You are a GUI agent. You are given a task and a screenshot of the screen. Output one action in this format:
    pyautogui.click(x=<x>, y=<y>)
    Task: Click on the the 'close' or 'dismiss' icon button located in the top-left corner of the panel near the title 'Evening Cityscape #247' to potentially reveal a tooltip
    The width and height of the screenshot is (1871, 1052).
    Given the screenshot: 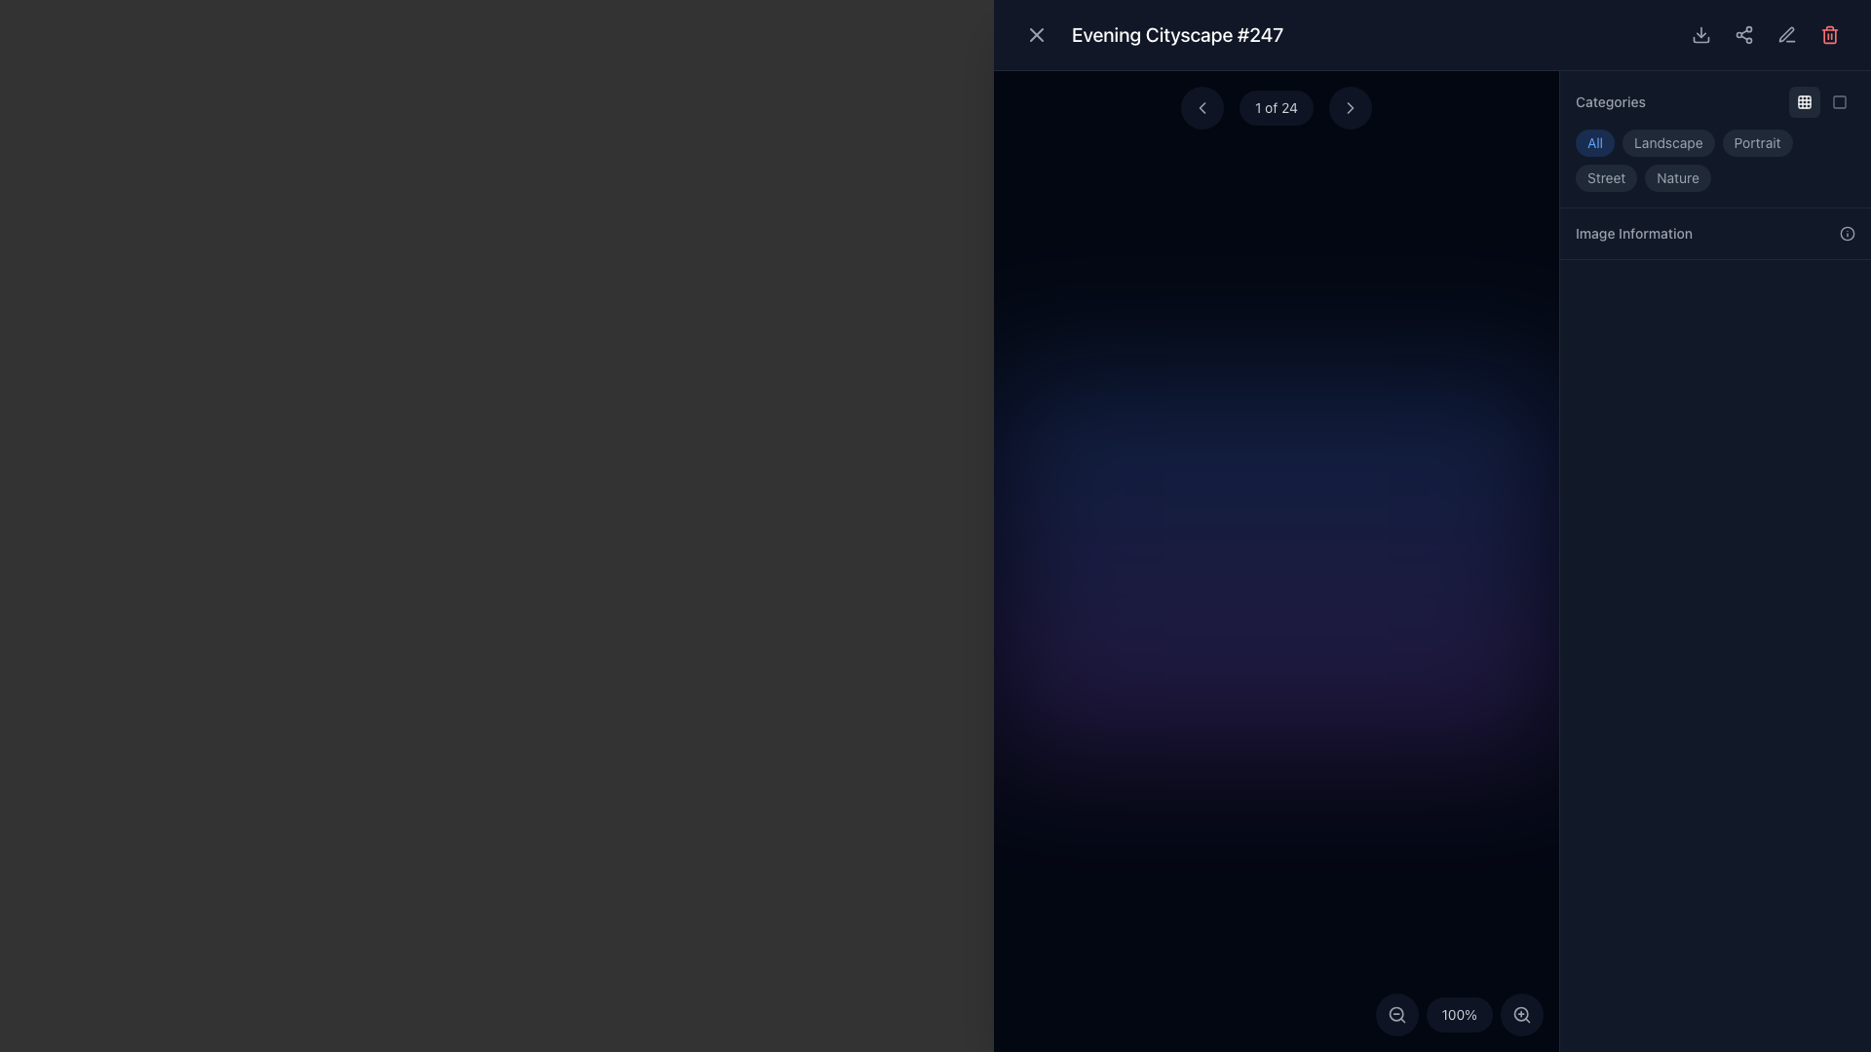 What is the action you would take?
    pyautogui.click(x=1036, y=34)
    